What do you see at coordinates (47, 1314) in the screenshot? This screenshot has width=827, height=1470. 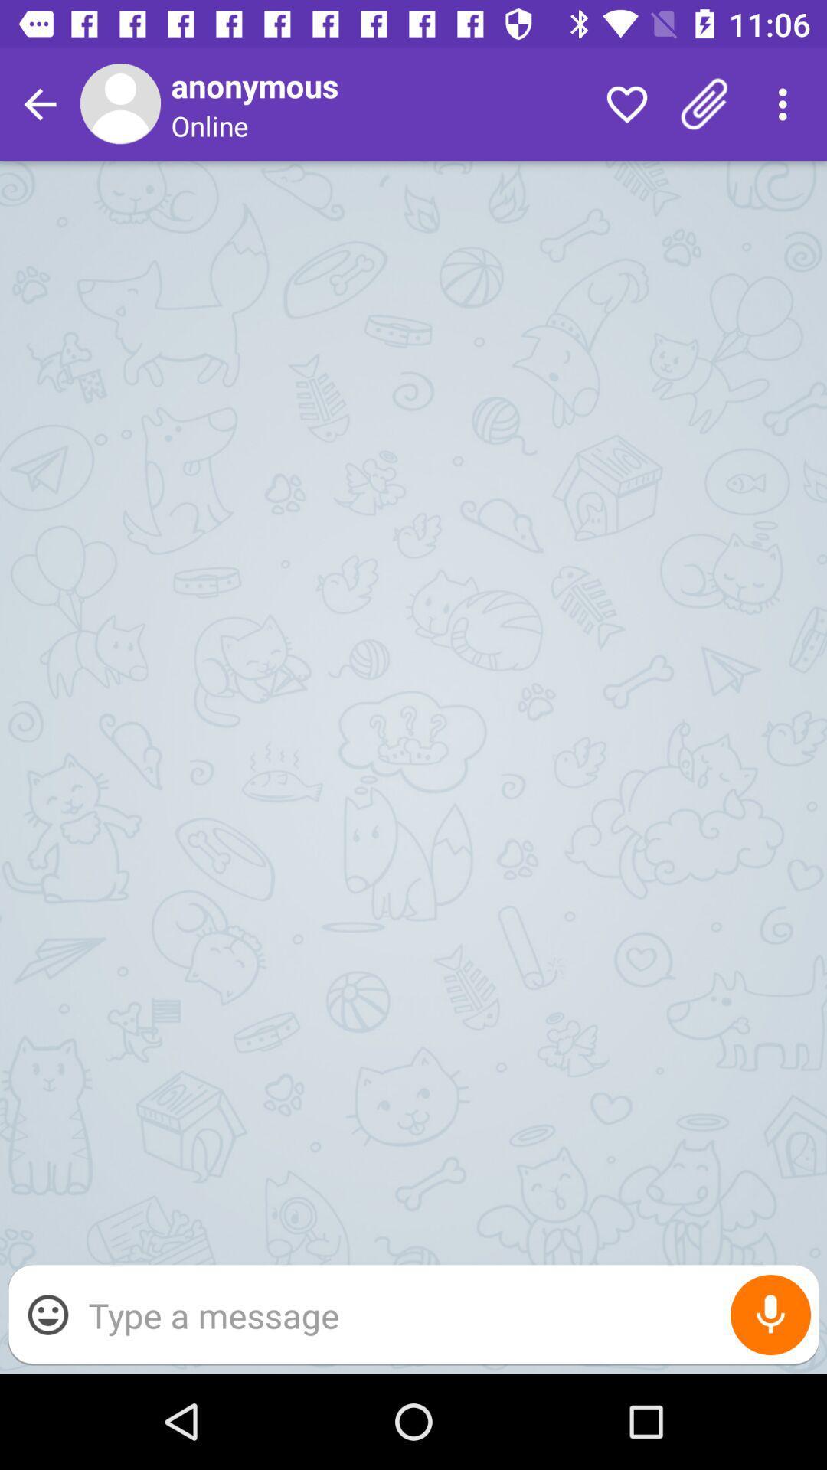 I see `the emoji icon` at bounding box center [47, 1314].